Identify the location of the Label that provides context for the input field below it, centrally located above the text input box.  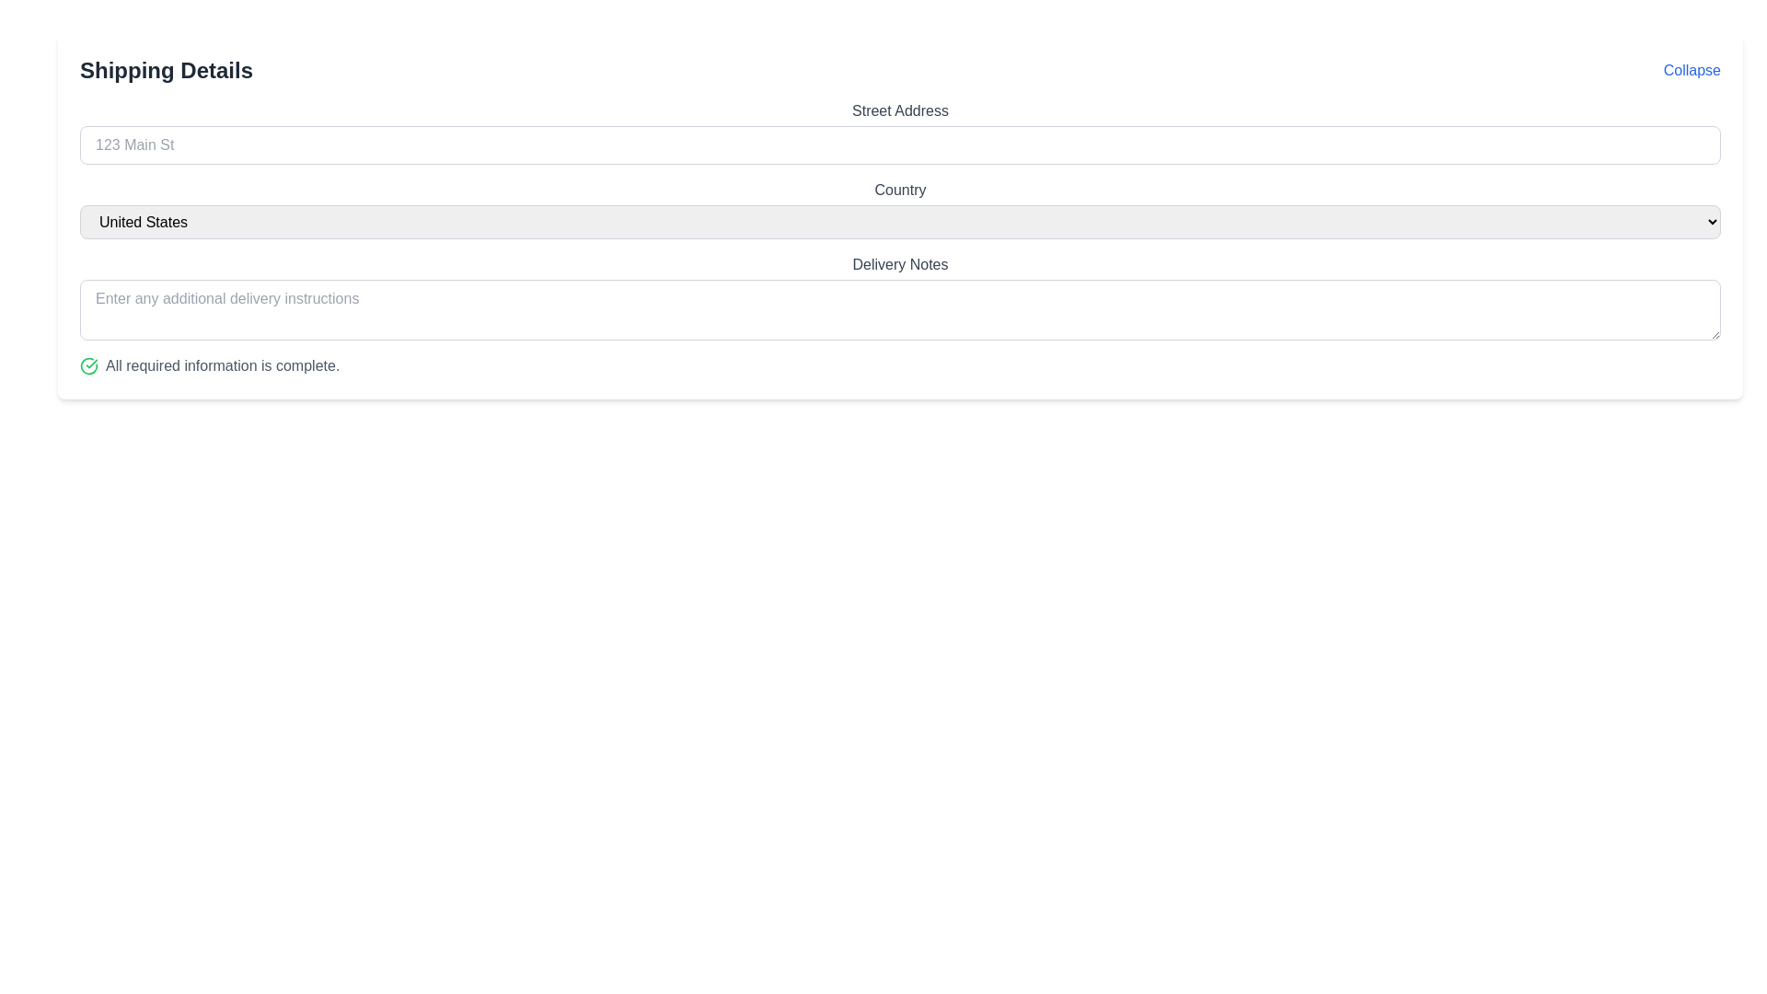
(900, 265).